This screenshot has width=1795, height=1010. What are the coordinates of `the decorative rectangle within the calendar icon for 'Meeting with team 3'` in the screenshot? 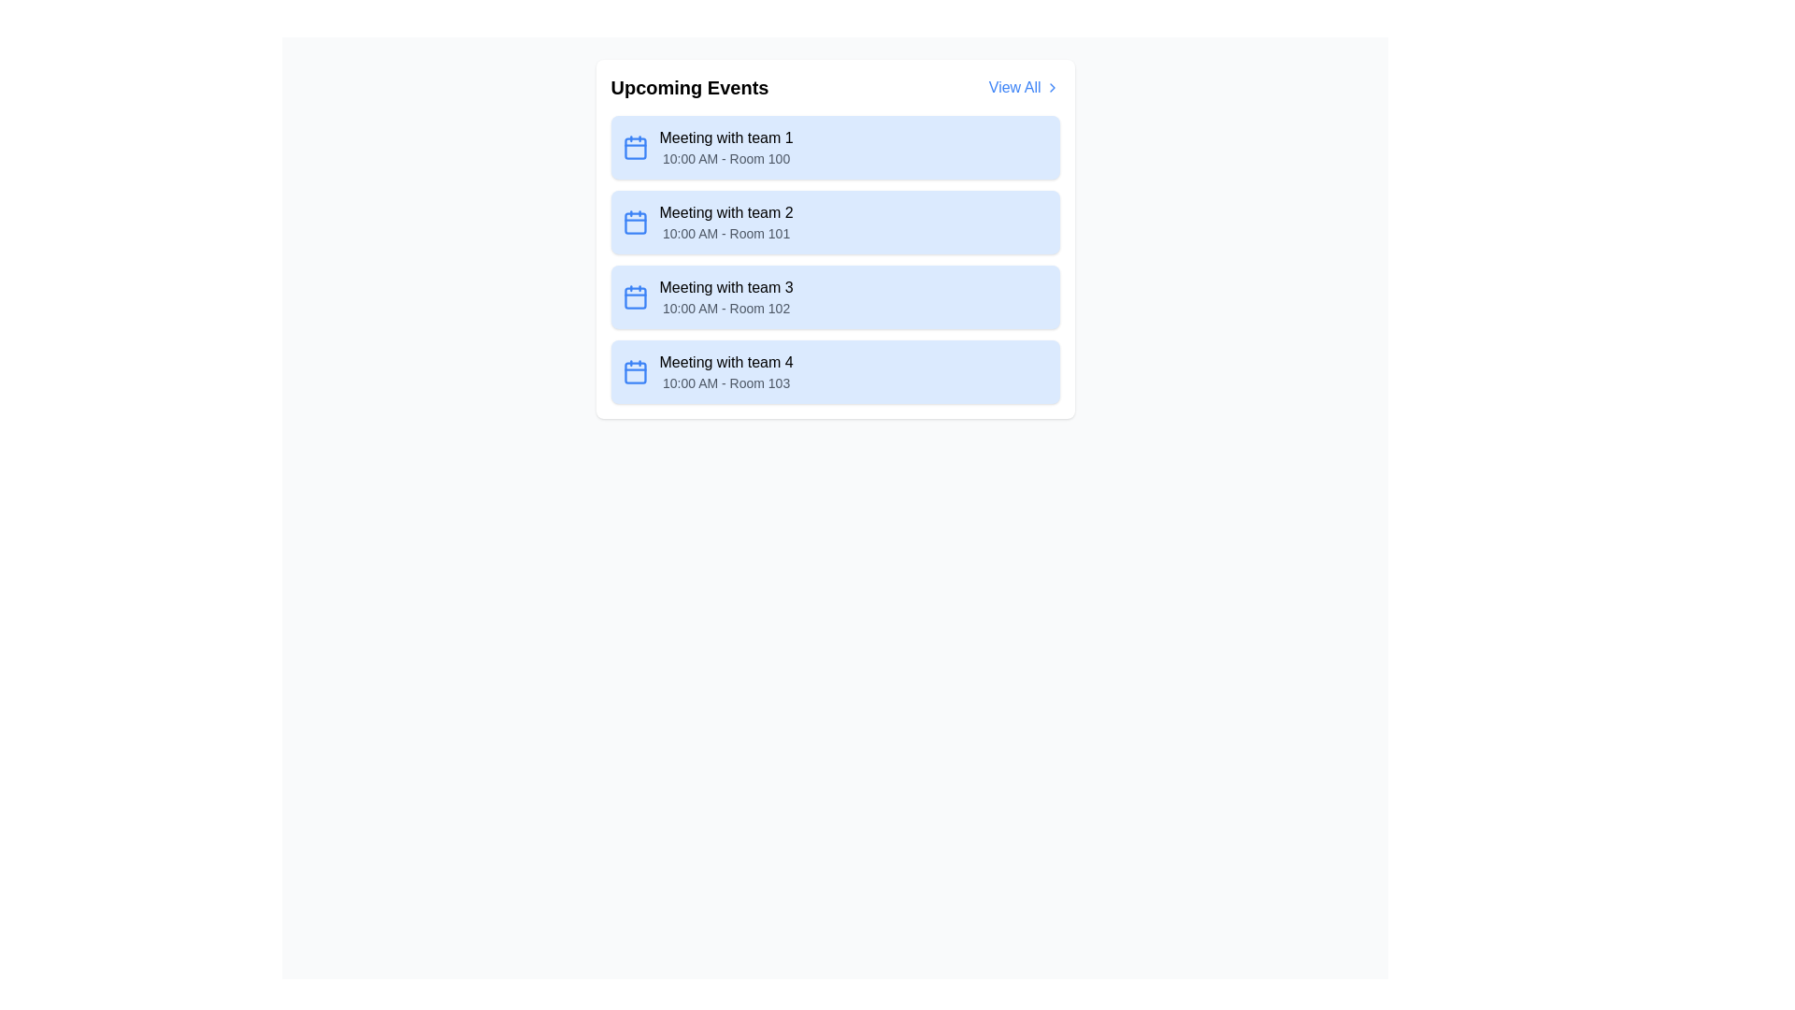 It's located at (635, 297).